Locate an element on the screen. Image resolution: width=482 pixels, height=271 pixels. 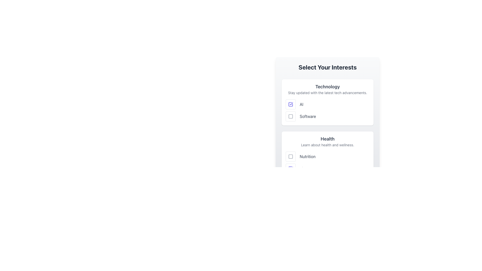
the checkbox is located at coordinates (290, 104).